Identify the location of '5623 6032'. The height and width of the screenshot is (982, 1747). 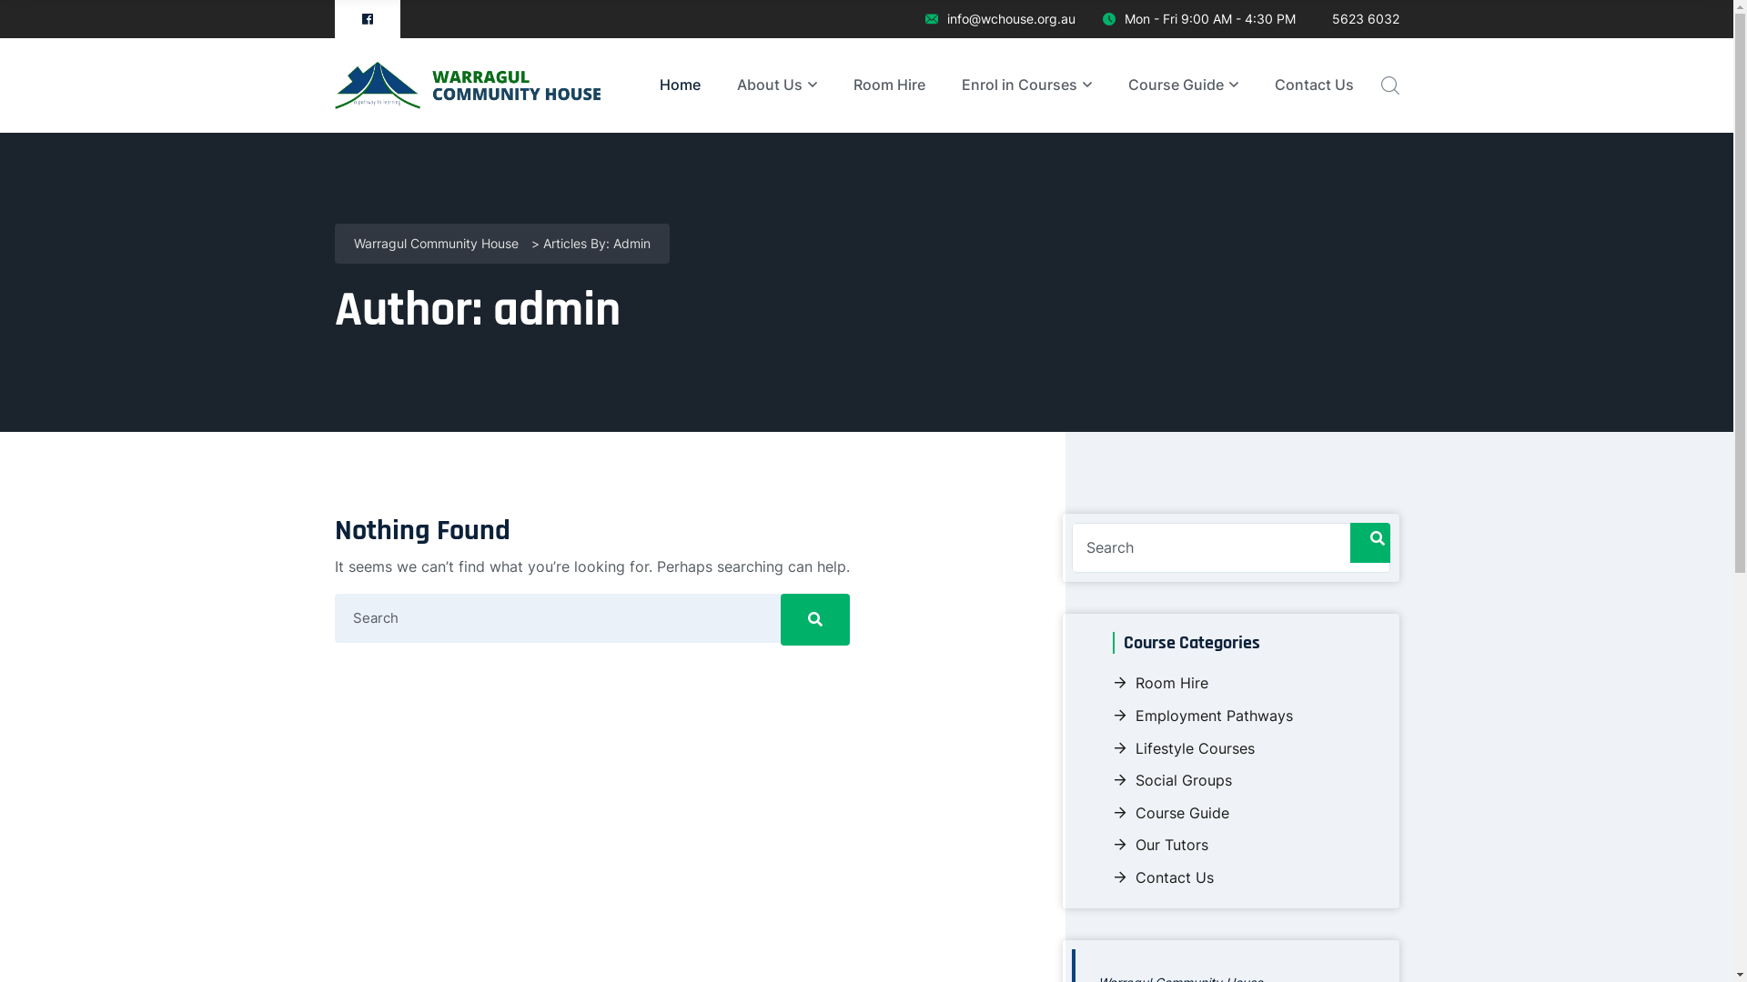
(1361, 18).